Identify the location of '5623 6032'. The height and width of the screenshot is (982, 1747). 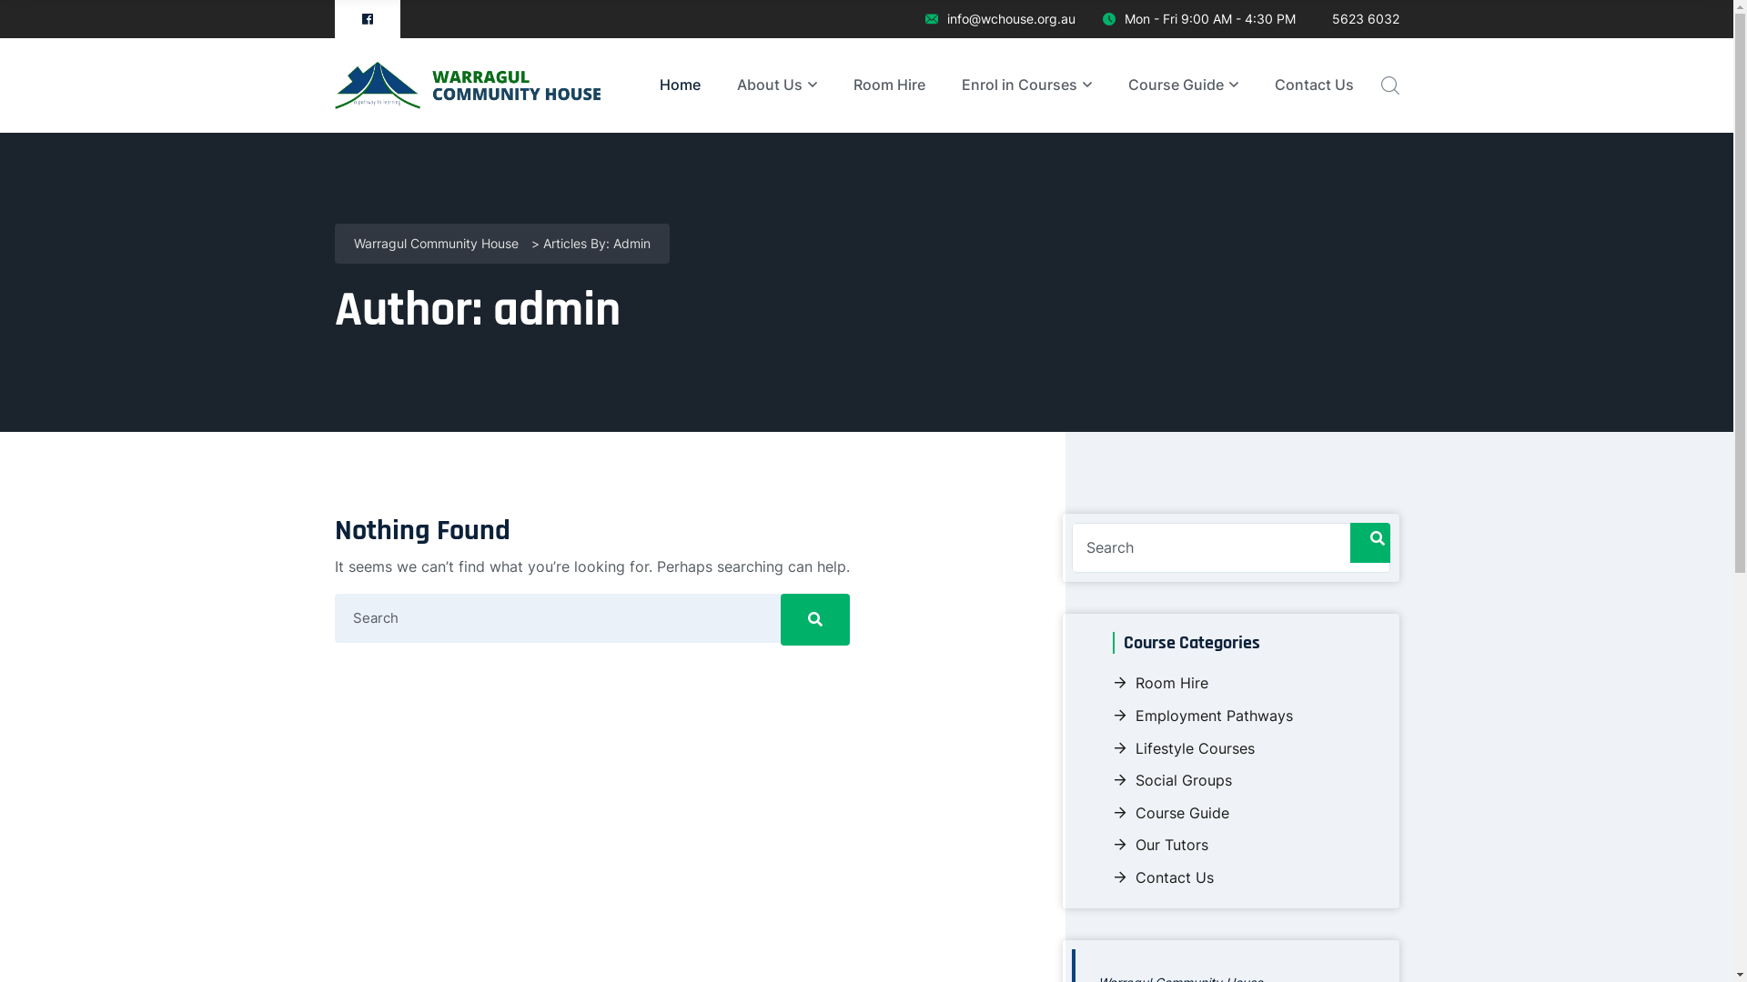
(1361, 18).